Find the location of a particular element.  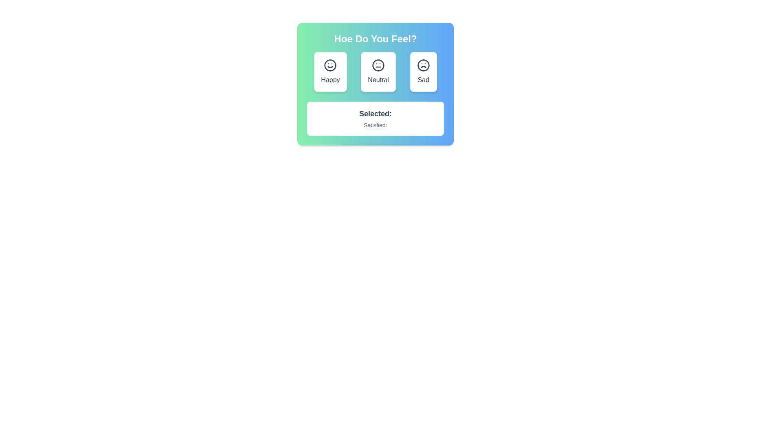

the emotion button labeled Happy to observe the visual feedback is located at coordinates (330, 72).